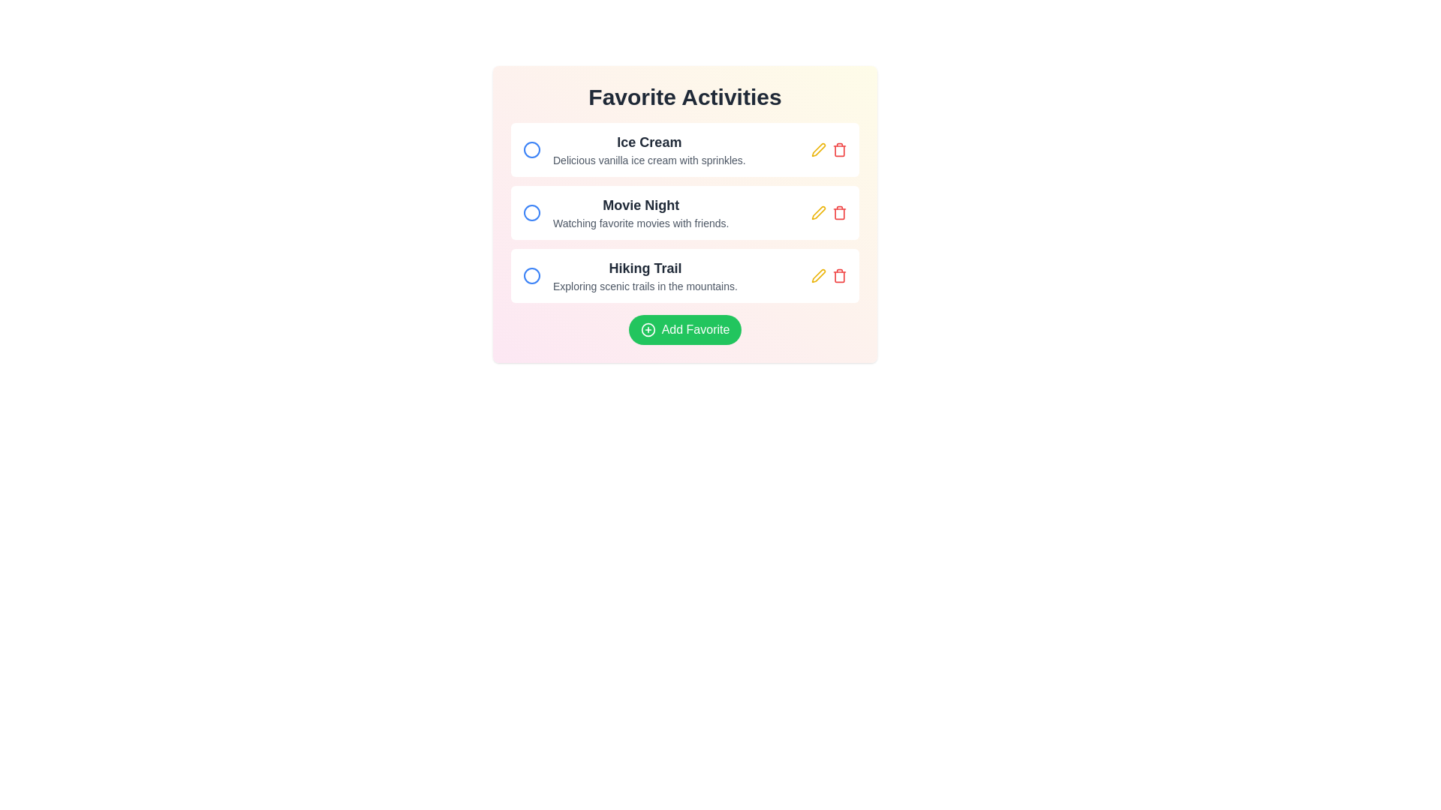 The width and height of the screenshot is (1441, 810). What do you see at coordinates (634, 150) in the screenshot?
I see `the first item` at bounding box center [634, 150].